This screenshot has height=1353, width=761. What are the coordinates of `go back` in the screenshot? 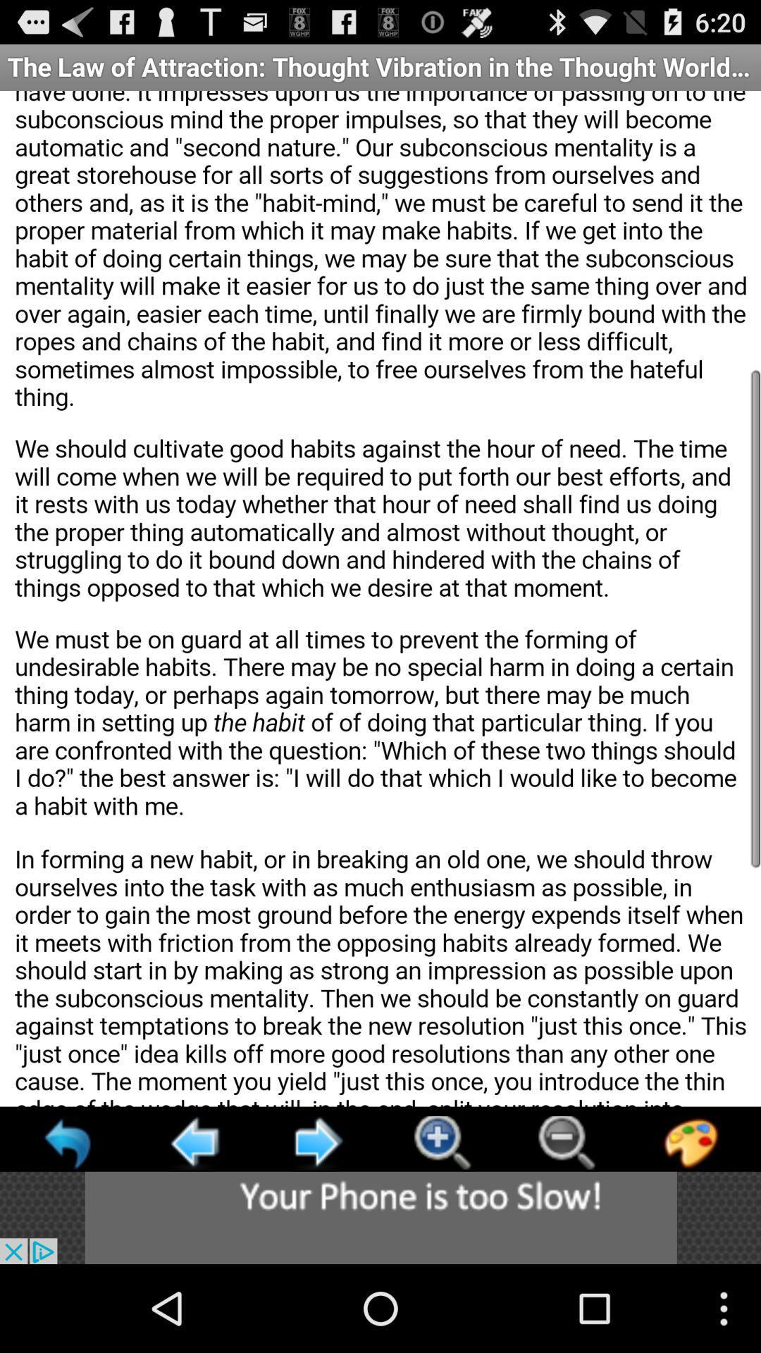 It's located at (193, 1142).